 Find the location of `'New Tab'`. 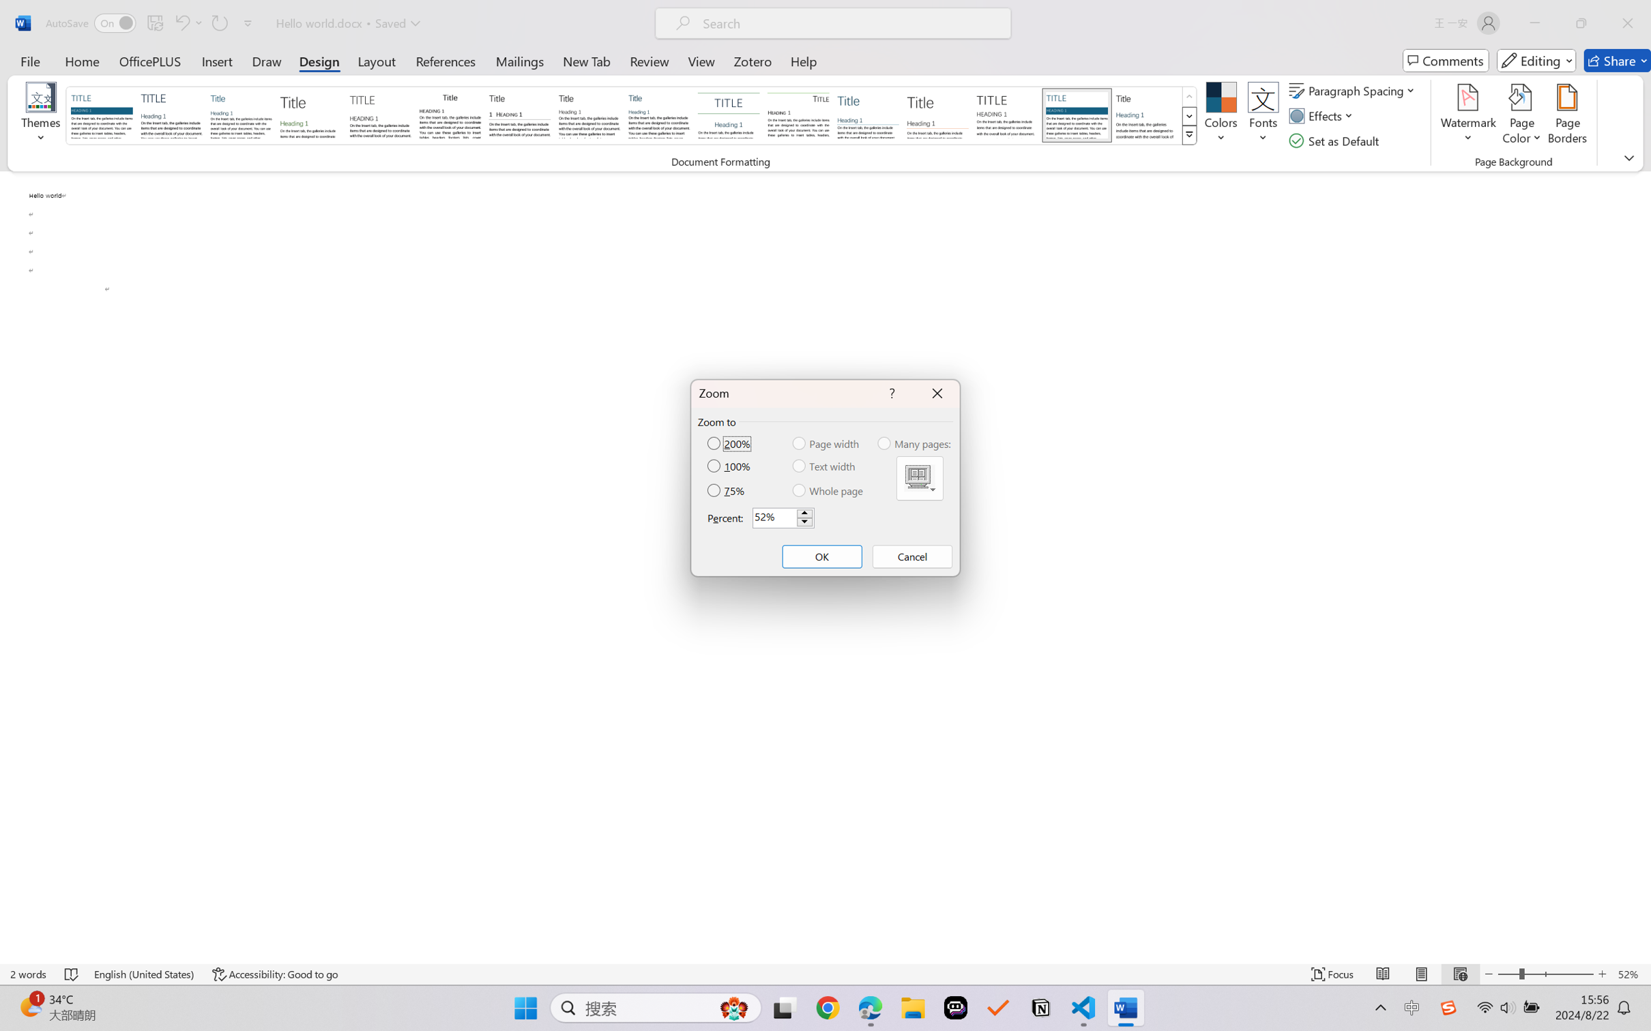

'New Tab' is located at coordinates (586, 60).